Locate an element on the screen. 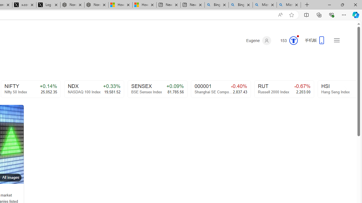  'RUT-0.67%Russell 2000 Index2,203.00' is located at coordinates (284, 89).